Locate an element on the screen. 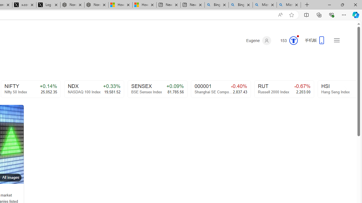  'RUT-0.67%Russell 2000 Index2,203.00' is located at coordinates (284, 89).